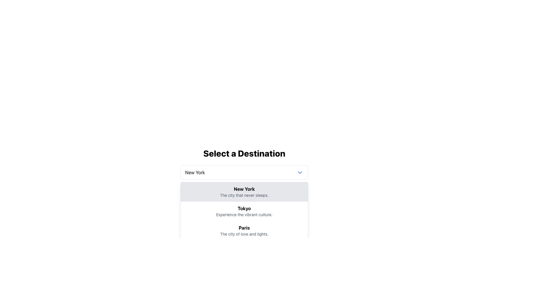 The image size is (548, 308). I want to click on the third list item in the dropdown menu labeled 'Paris', so click(244, 230).